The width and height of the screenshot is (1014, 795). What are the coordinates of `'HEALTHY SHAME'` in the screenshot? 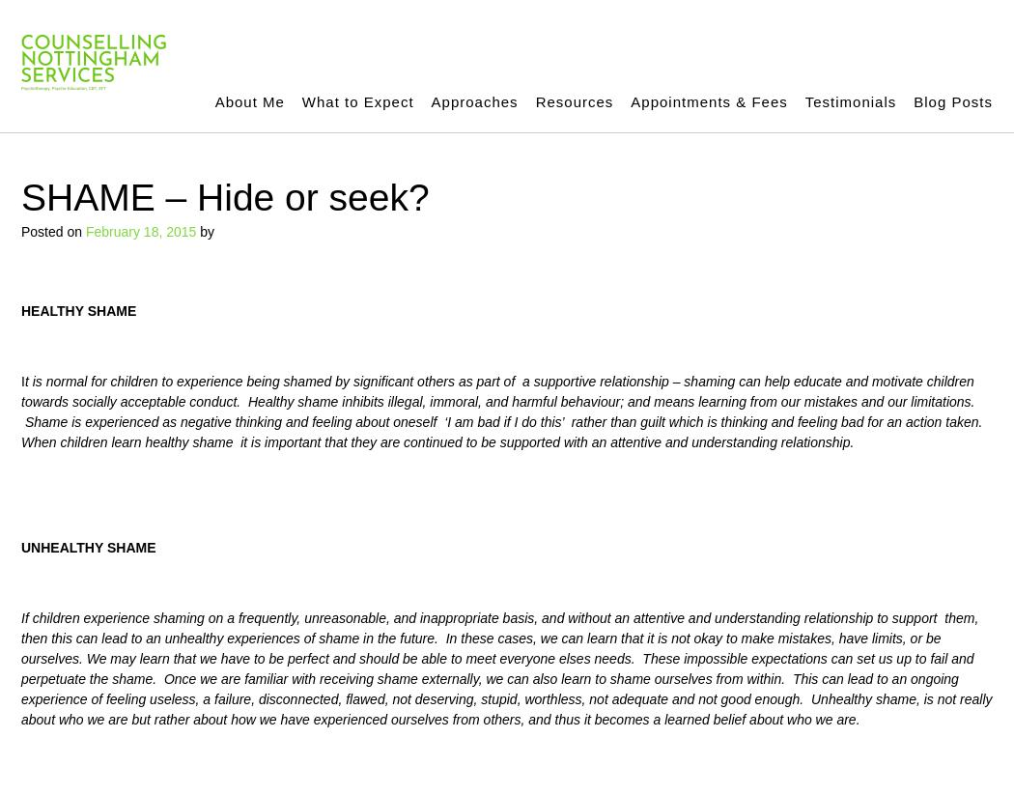 It's located at (78, 310).